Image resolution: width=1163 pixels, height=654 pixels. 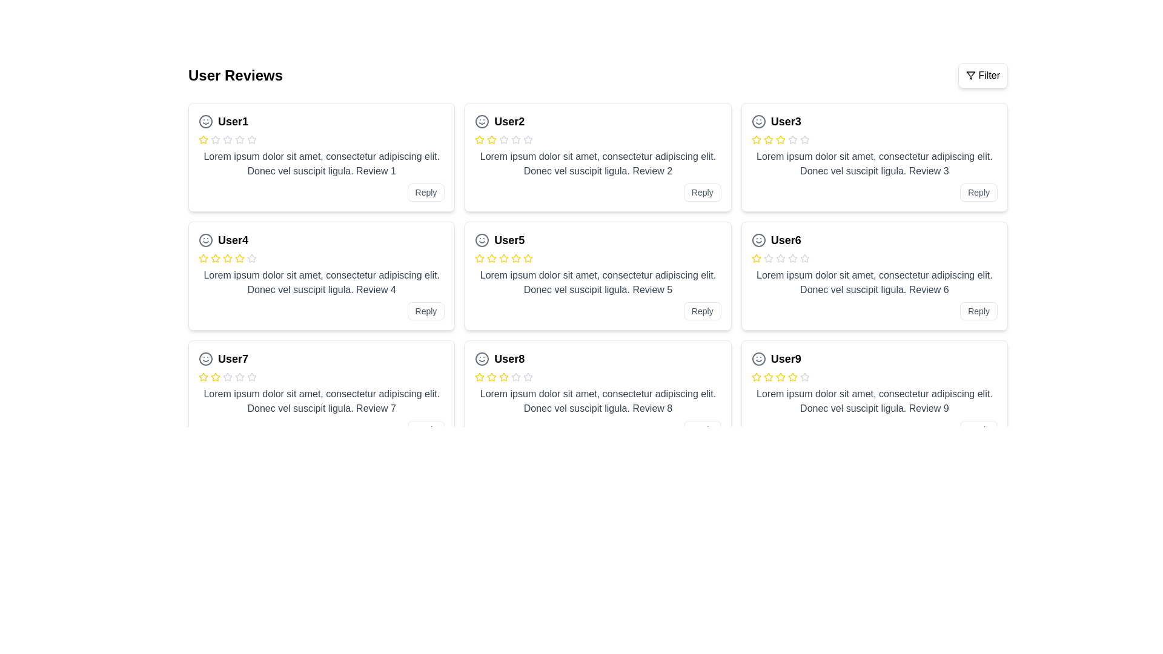 I want to click on the fifth star icon in the rating system for the user review titled 'User9', located at the bottom-right corner of the review grid, so click(x=792, y=376).